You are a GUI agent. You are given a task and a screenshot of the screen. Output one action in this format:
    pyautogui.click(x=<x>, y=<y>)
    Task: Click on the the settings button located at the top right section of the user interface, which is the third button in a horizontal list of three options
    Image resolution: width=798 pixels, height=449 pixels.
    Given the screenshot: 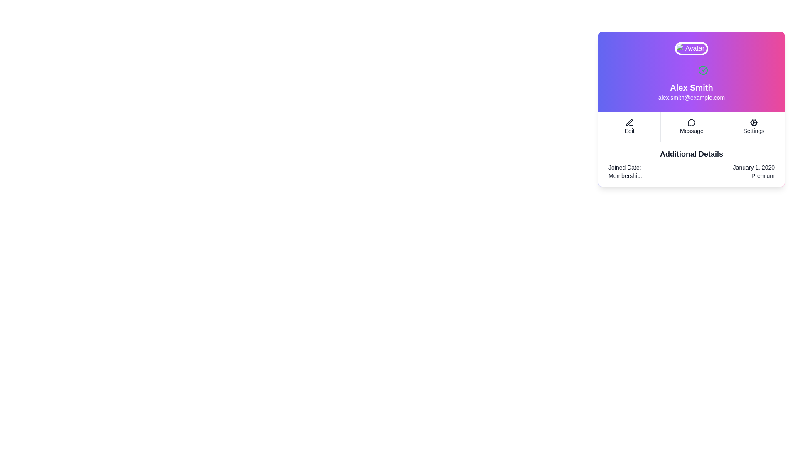 What is the action you would take?
    pyautogui.click(x=754, y=126)
    